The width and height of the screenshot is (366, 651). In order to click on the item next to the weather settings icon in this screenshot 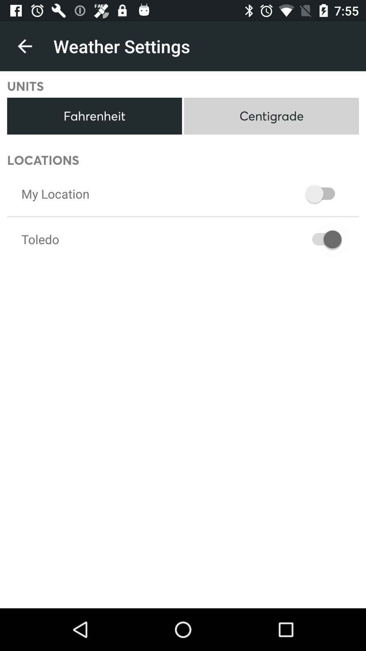, I will do `click(24, 46)`.